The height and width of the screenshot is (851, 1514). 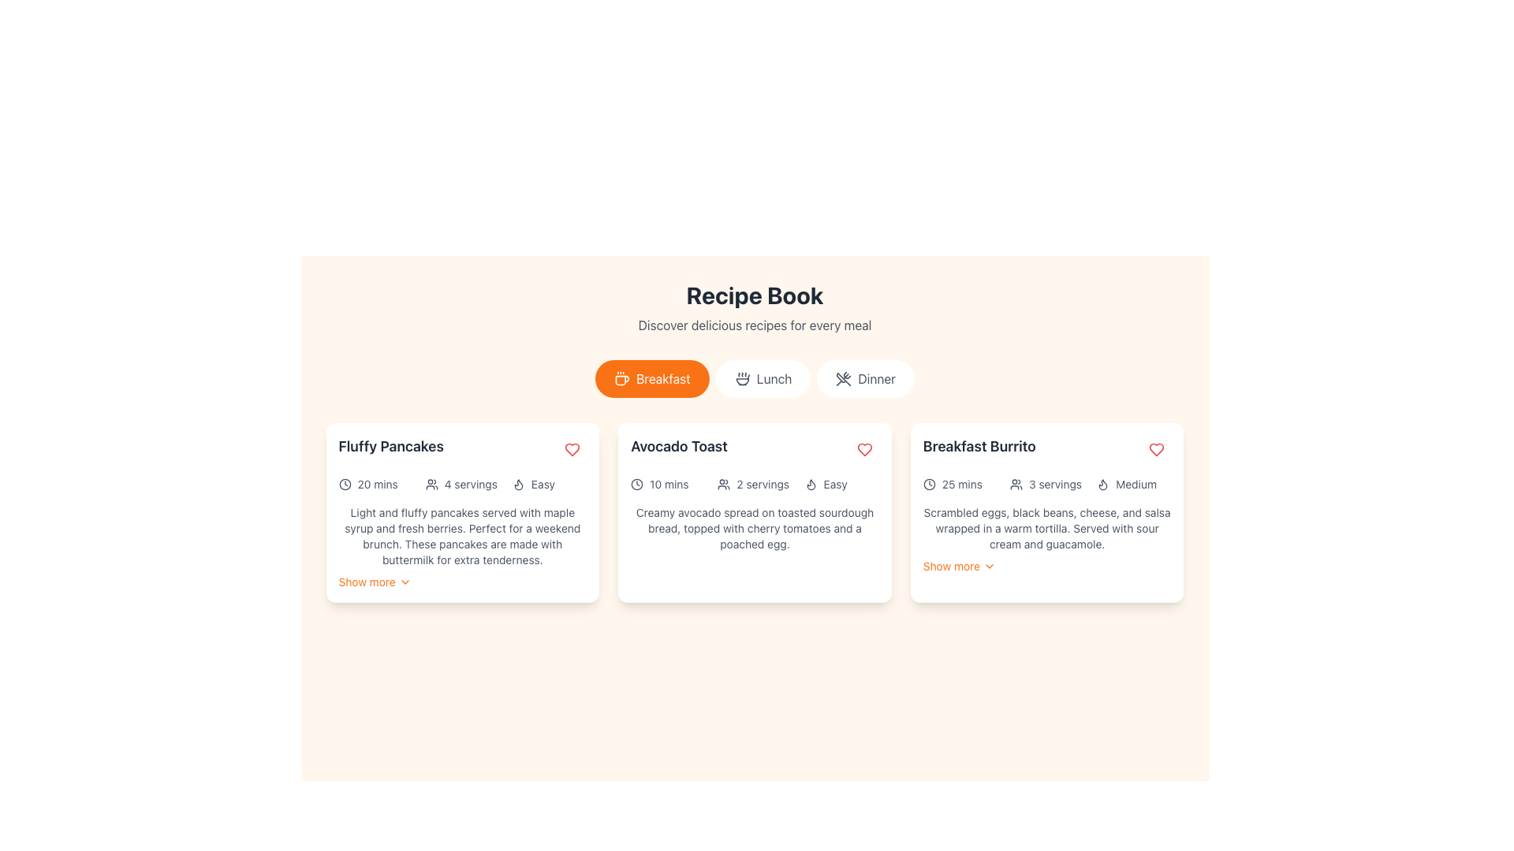 What do you see at coordinates (1047, 483) in the screenshot?
I see `the informational label displaying the number of servings for the 'Breakfast Burrito' recipe, located in the middle of the card's metadata` at bounding box center [1047, 483].